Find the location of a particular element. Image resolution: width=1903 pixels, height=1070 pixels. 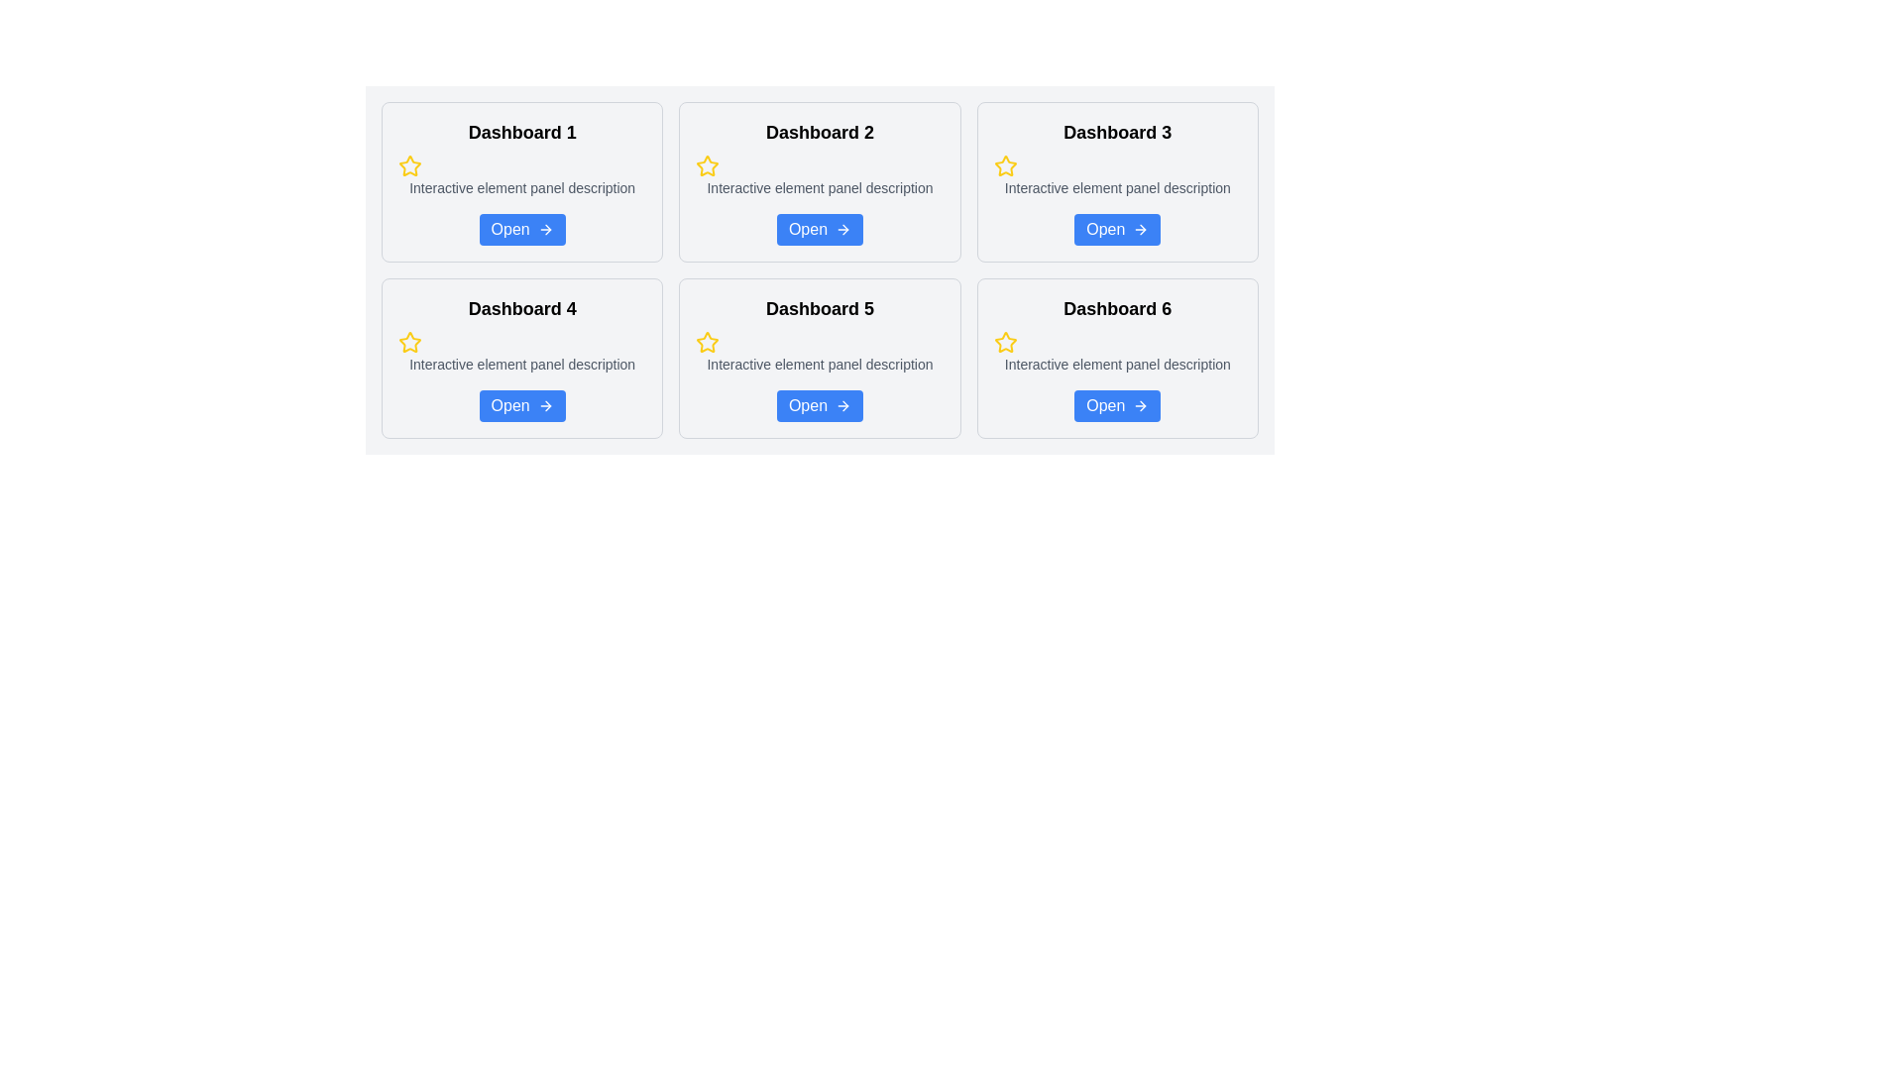

the right-pointing arrow icon within the 'Open' button, which is a vector-based graphical UI element located in the second row, first column of the grid is located at coordinates (548, 228).